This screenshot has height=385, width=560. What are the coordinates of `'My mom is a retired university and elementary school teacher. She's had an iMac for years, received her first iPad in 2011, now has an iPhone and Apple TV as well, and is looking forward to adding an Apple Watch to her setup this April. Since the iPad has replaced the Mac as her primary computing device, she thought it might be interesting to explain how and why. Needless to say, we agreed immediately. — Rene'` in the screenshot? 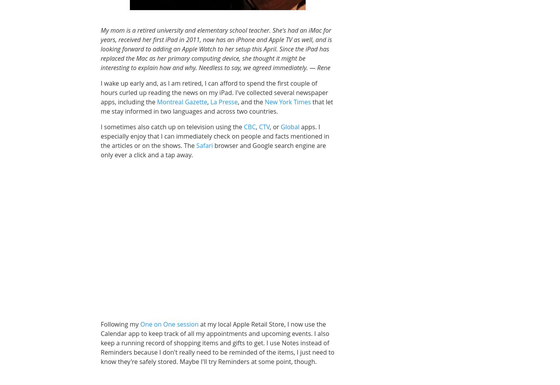 It's located at (216, 48).